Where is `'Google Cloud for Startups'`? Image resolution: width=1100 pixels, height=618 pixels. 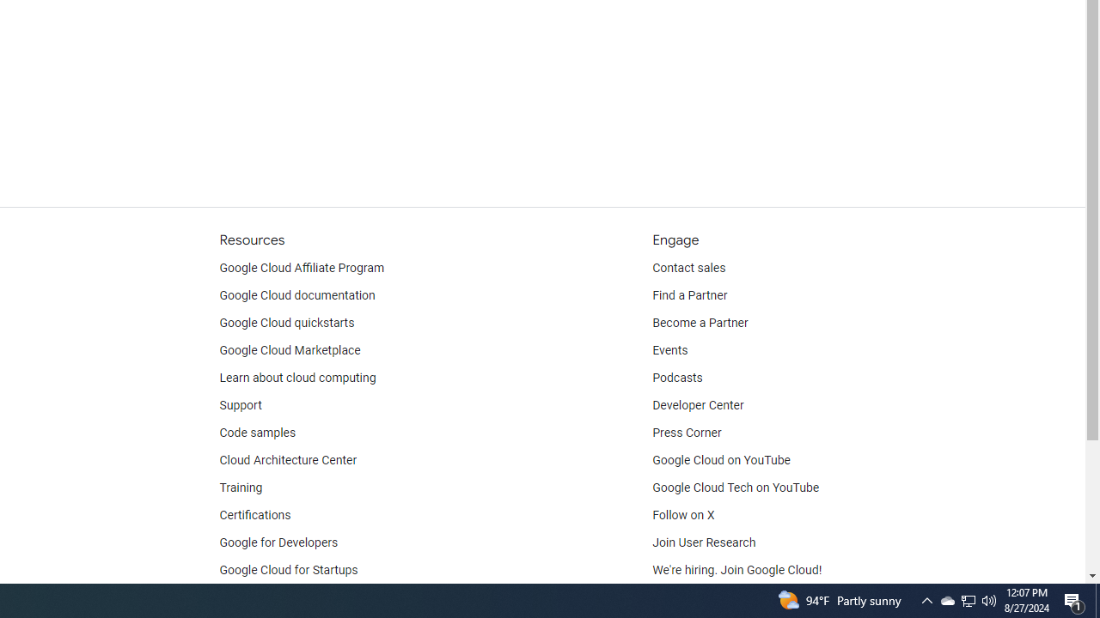 'Google Cloud for Startups' is located at coordinates (289, 570).